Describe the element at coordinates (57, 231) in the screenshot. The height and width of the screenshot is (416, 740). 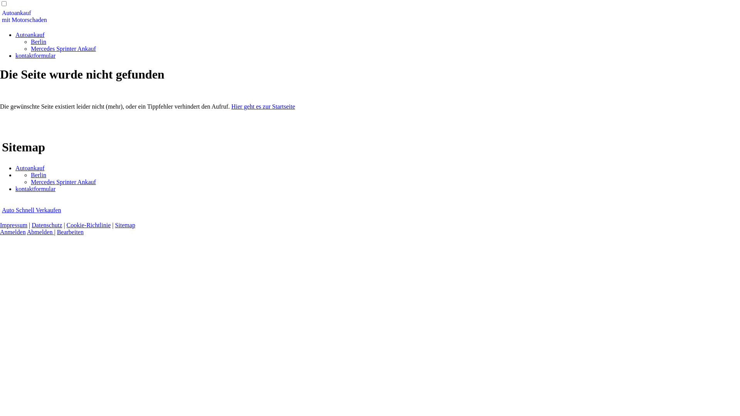
I see `'Bearbeiten'` at that location.